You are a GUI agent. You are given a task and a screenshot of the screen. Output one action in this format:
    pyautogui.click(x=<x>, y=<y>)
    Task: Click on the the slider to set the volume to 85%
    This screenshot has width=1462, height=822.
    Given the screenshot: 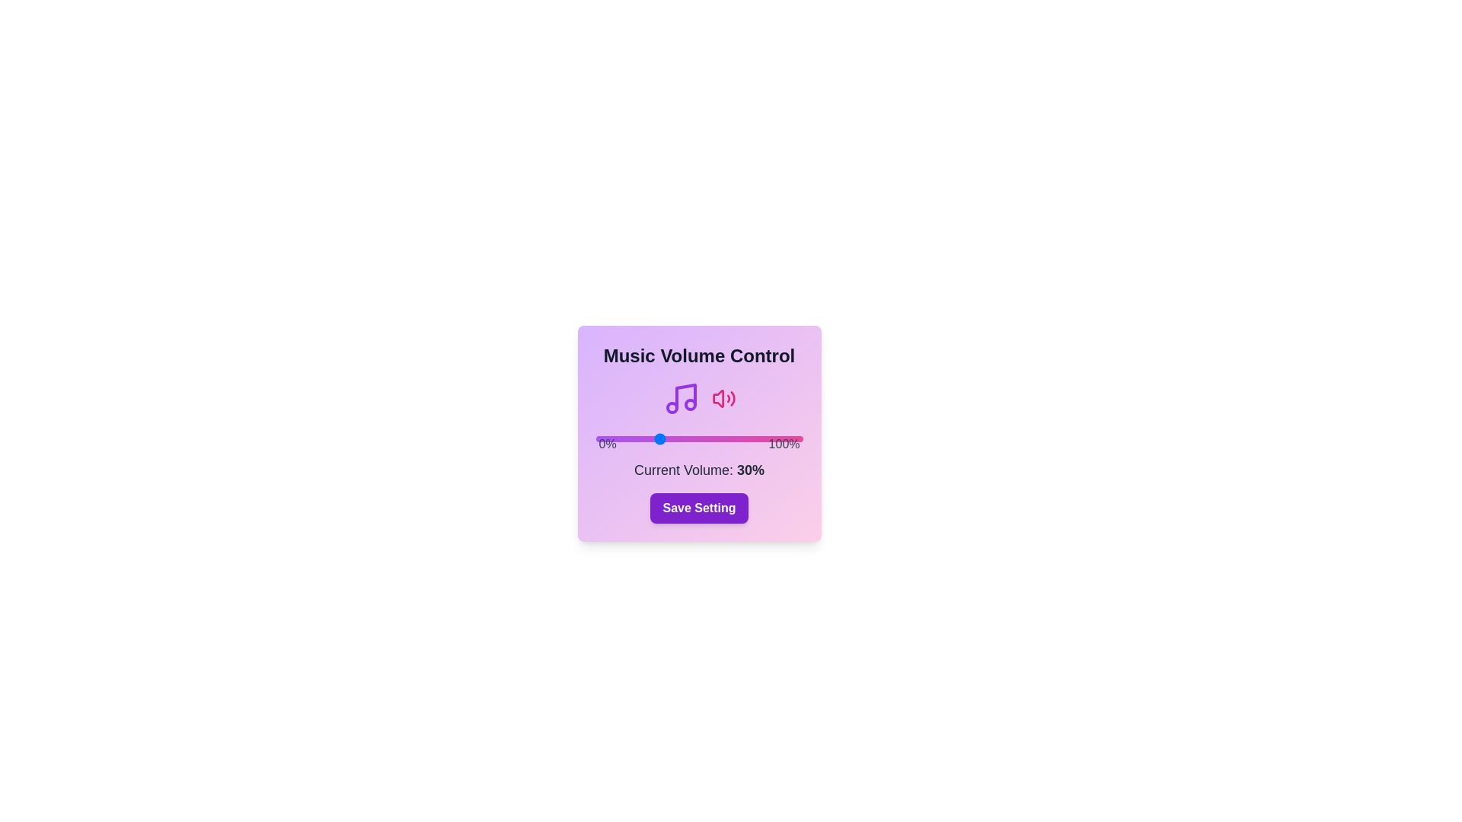 What is the action you would take?
    pyautogui.click(x=771, y=439)
    